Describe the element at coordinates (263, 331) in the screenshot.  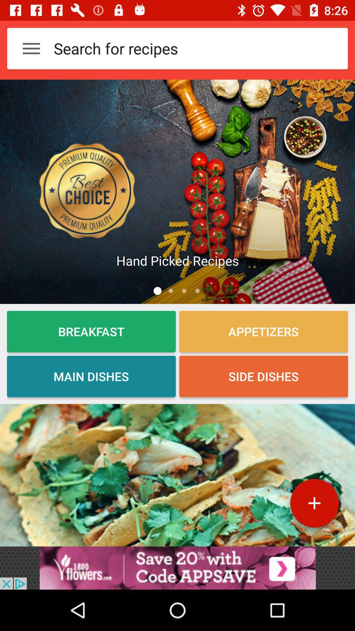
I see `the appetizers option` at that location.